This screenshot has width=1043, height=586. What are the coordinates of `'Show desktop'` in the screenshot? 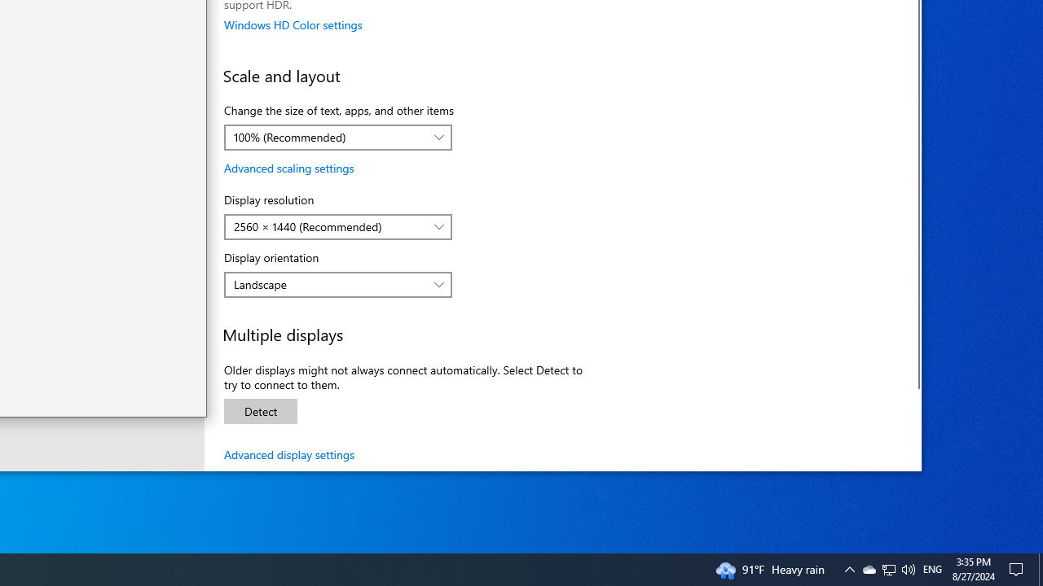 It's located at (1040, 568).